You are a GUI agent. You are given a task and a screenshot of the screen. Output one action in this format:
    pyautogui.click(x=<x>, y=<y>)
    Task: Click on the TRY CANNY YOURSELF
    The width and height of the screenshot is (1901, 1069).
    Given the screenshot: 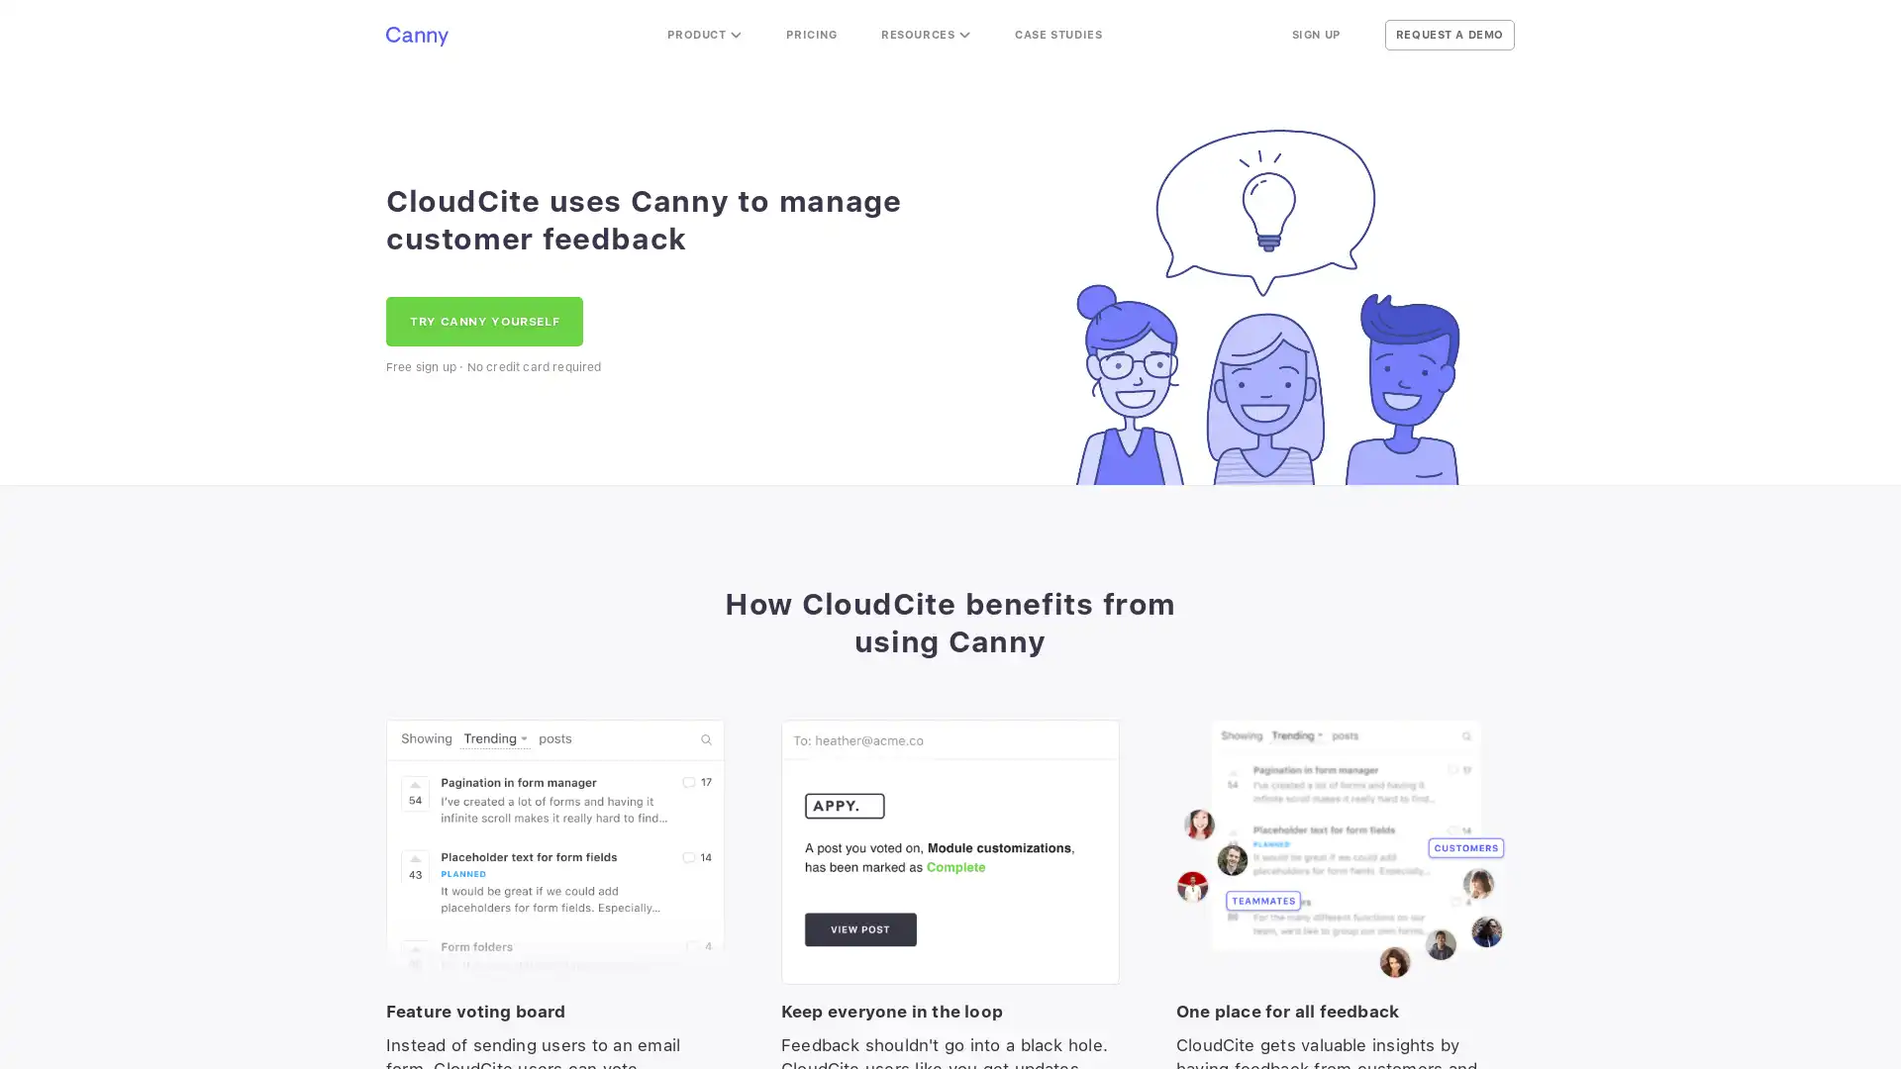 What is the action you would take?
    pyautogui.click(x=484, y=320)
    